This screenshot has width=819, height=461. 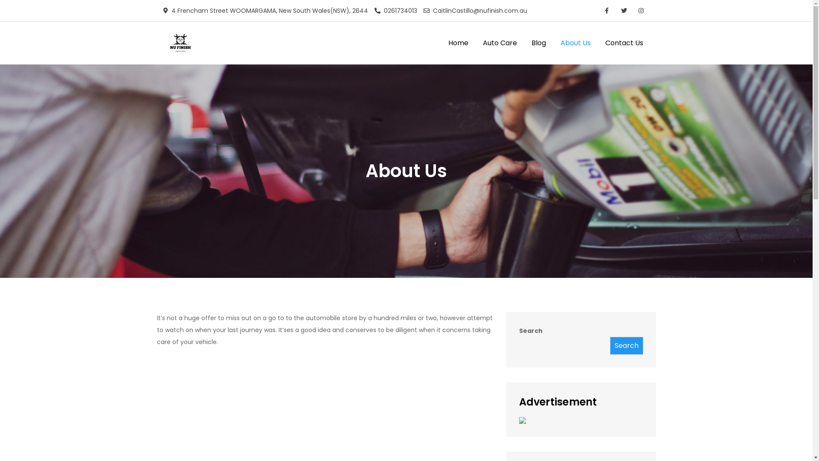 I want to click on 'Auto Care', so click(x=500, y=43).